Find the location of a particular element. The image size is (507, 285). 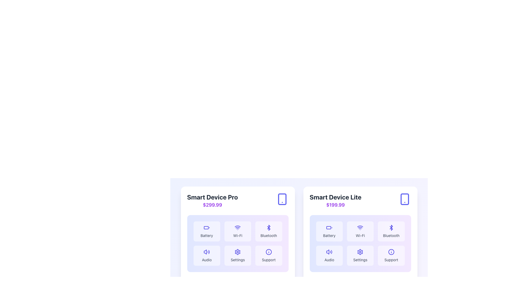

the stylized indigo Bluetooth icon is located at coordinates (269, 227).